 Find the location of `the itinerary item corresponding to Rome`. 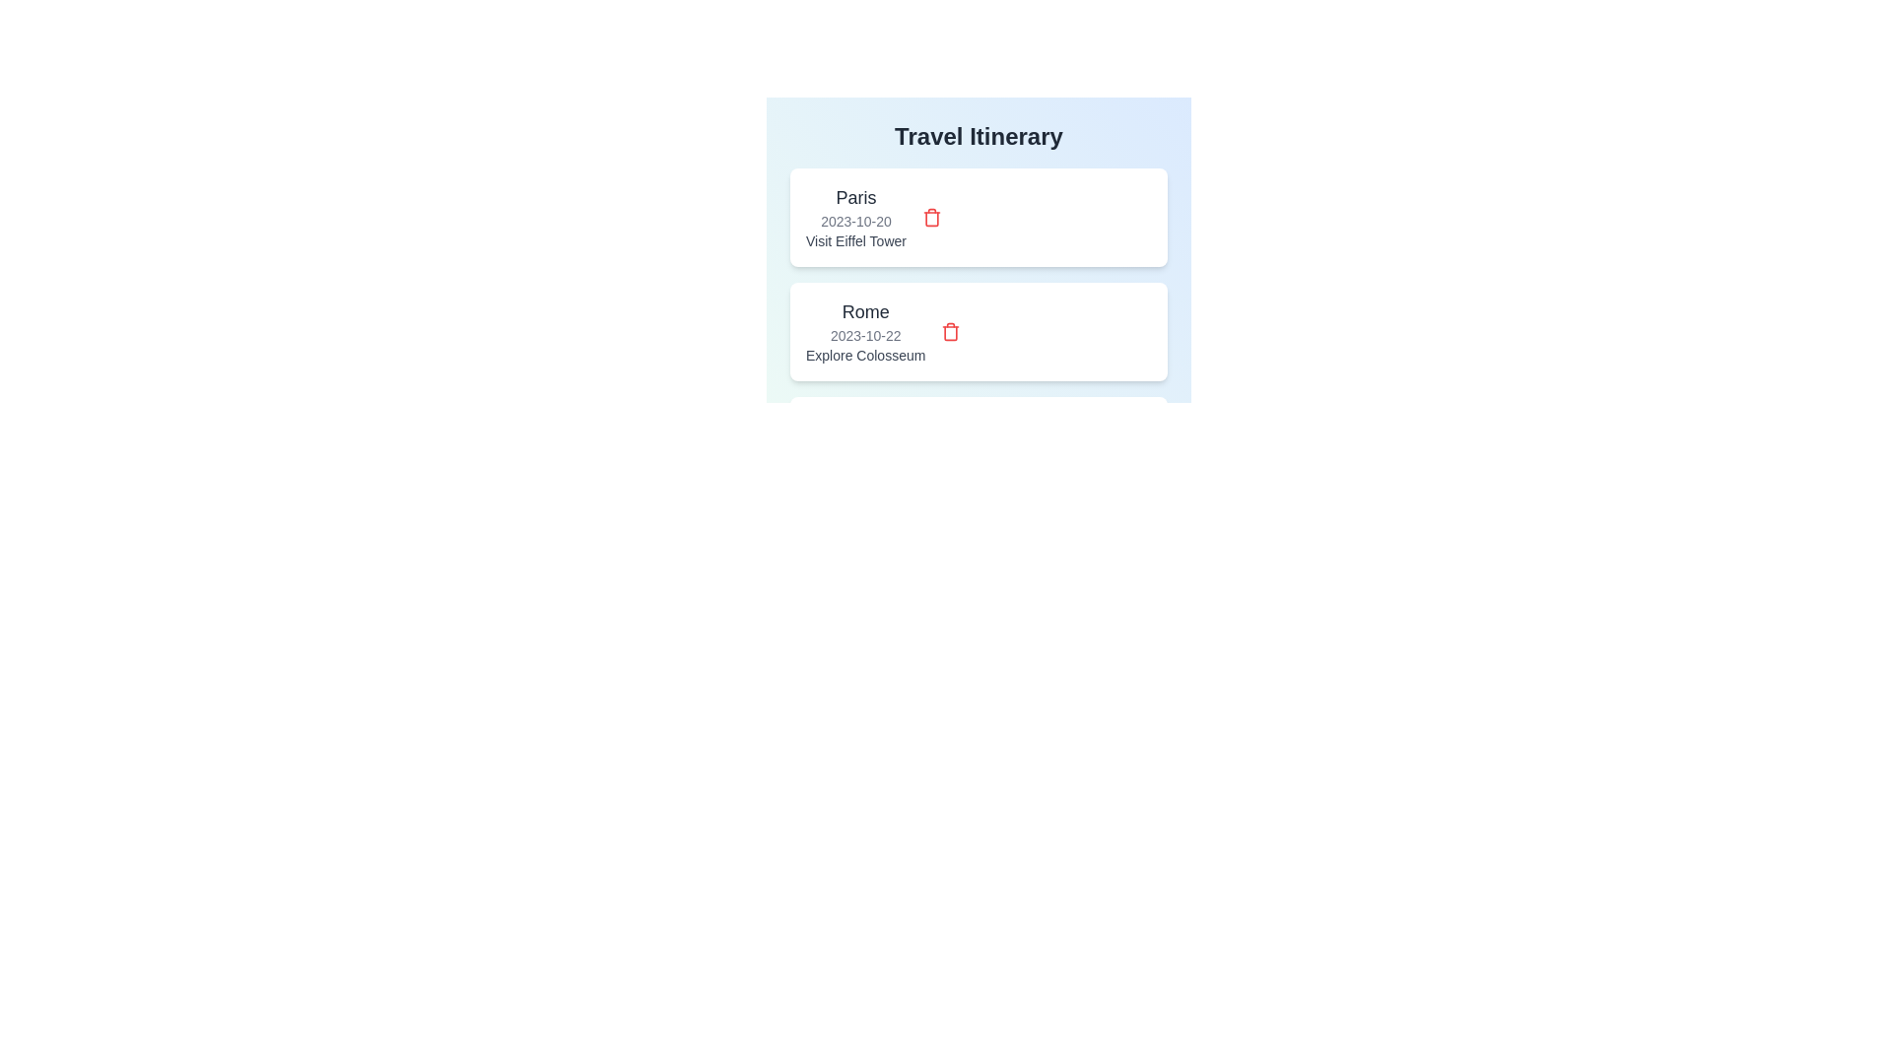

the itinerary item corresponding to Rome is located at coordinates (865, 330).